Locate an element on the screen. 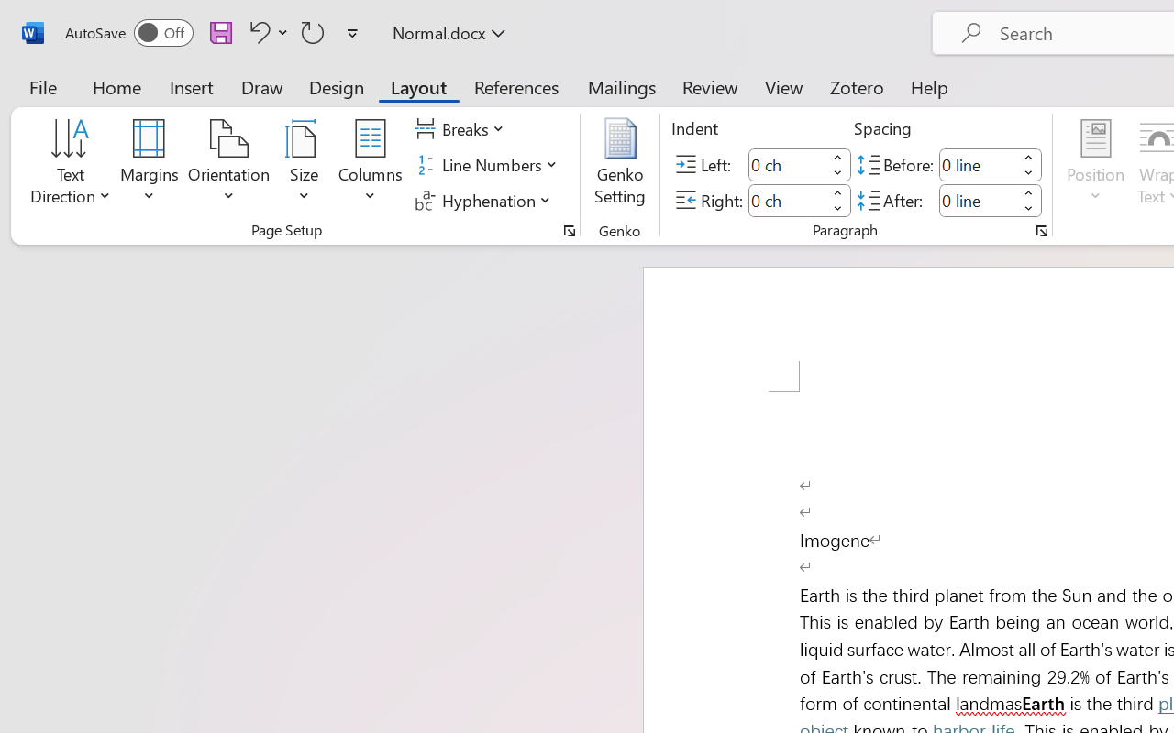 Image resolution: width=1174 pixels, height=733 pixels. 'Indent Right' is located at coordinates (787, 200).